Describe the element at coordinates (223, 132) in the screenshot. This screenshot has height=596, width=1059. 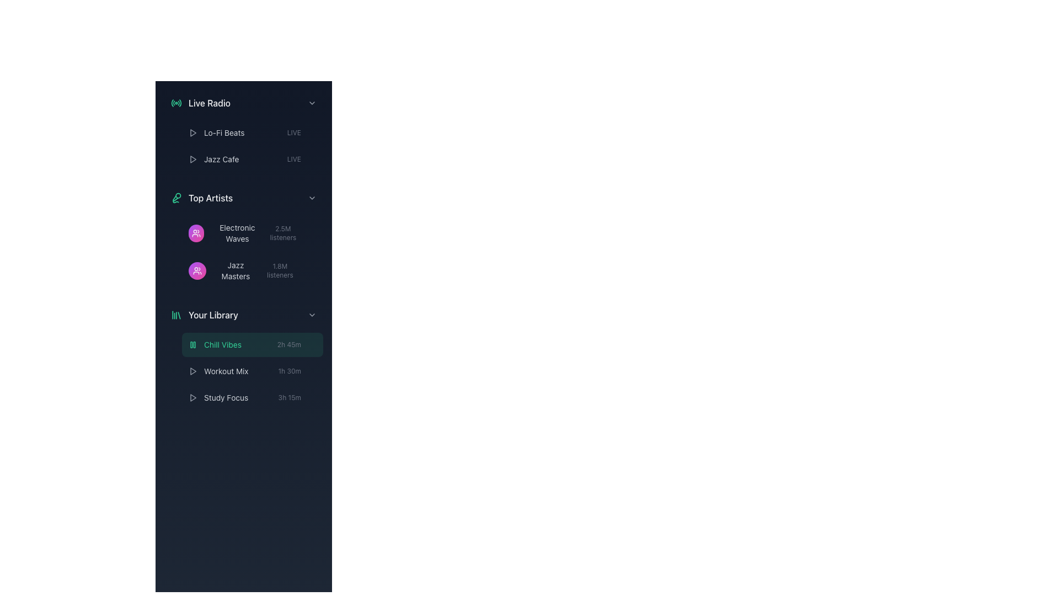
I see `text label displaying 'Lo-Fi Beats' located within the 'Live Radio' section of the left sidebar, positioned between the title 'Live Radio' and the item 'Jazz Cafe'` at that location.